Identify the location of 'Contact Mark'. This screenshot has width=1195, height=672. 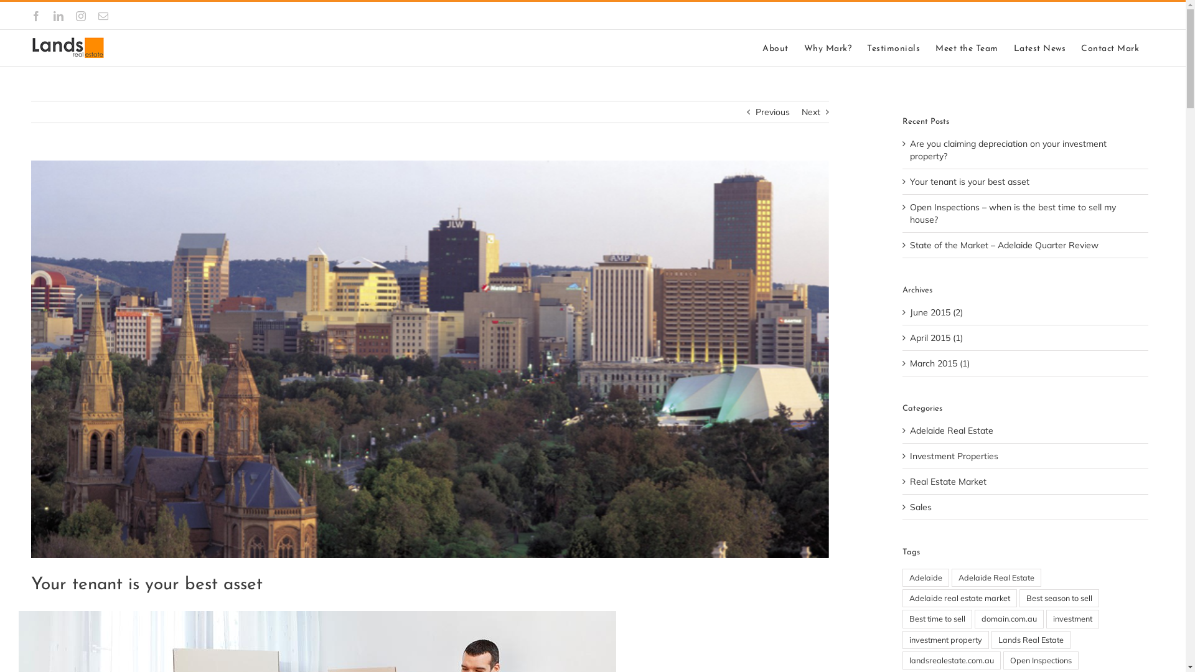
(1110, 47).